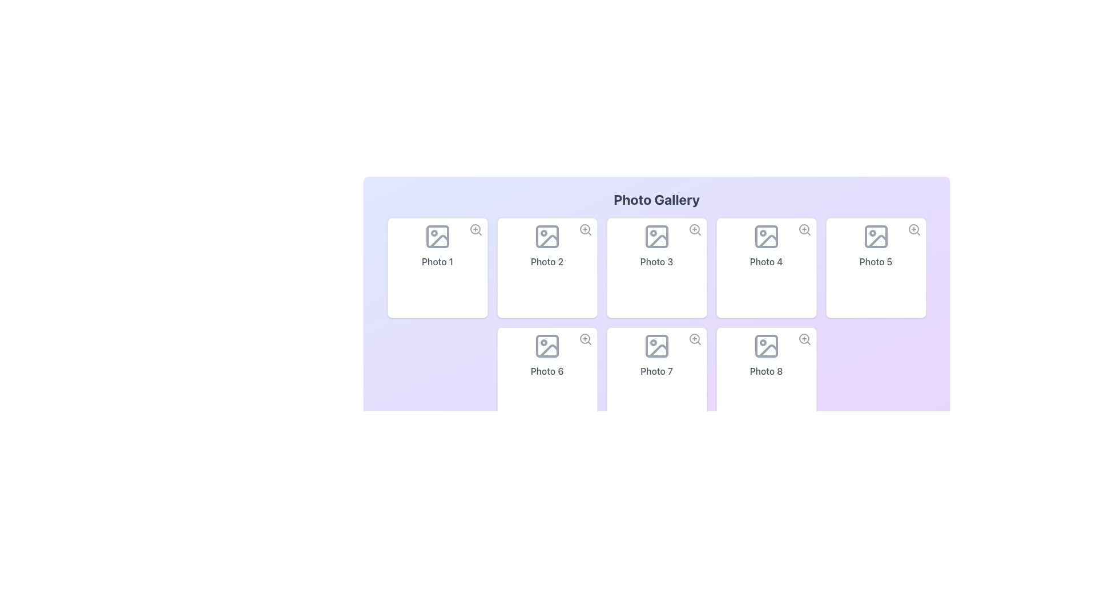 The height and width of the screenshot is (616, 1096). Describe the element at coordinates (656, 262) in the screenshot. I see `the text label 'Photo 3' which is located in the third card of the photo gallery, positioned below the photo placeholder icon` at that location.